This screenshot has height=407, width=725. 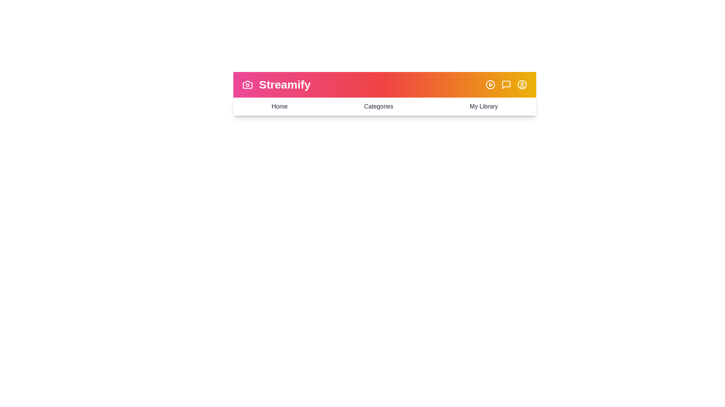 What do you see at coordinates (279, 106) in the screenshot?
I see `the 'Home' menu item to navigate to the Home view` at bounding box center [279, 106].